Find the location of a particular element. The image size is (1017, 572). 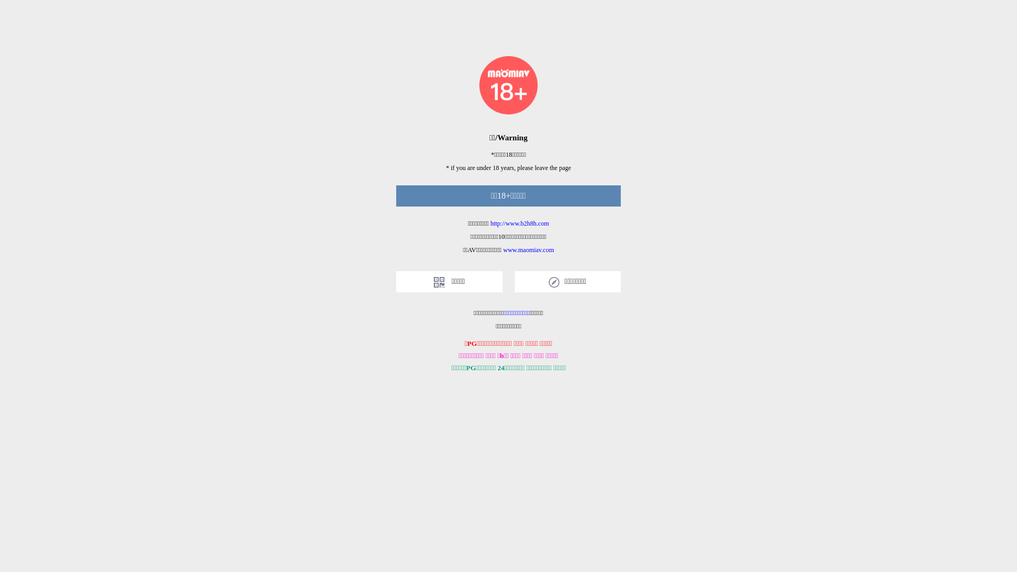

'www.maomiav.com' is located at coordinates (529, 249).